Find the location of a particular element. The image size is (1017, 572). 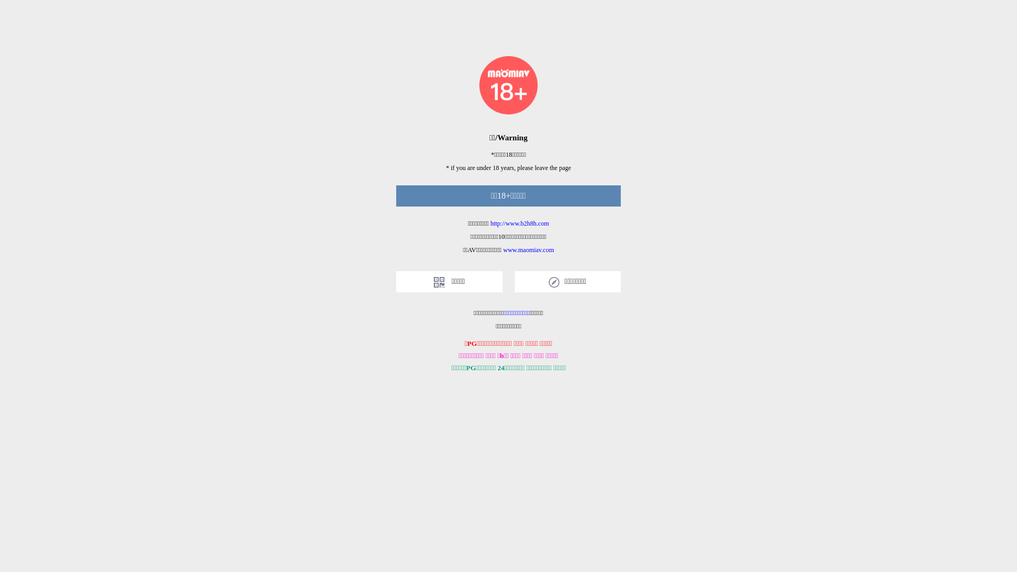

'www.maomiav.com' is located at coordinates (529, 249).